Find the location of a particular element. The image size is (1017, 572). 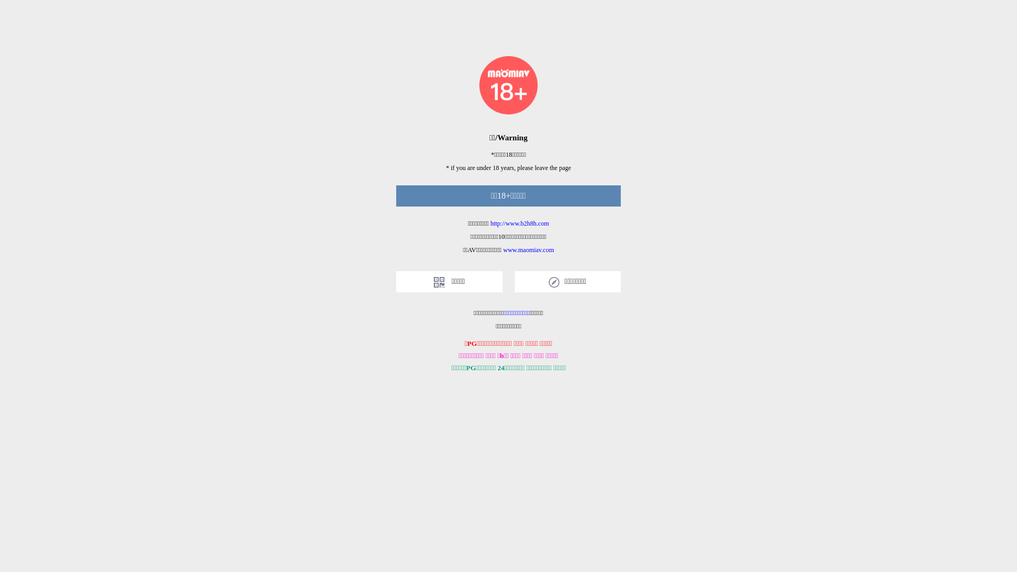

'www.maomiav.com' is located at coordinates (529, 249).